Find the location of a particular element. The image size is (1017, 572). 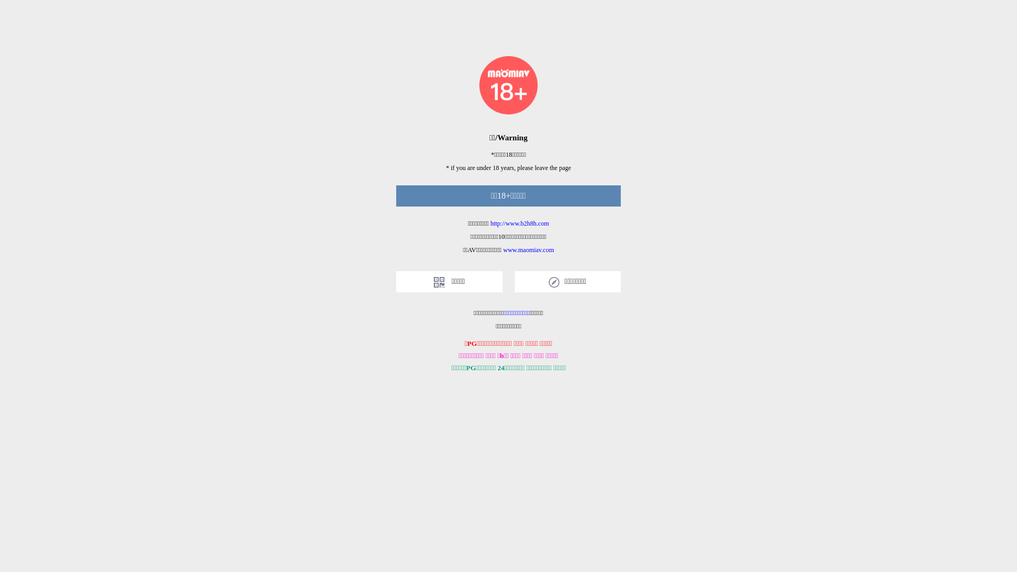

'www.maomiav.com' is located at coordinates (529, 249).